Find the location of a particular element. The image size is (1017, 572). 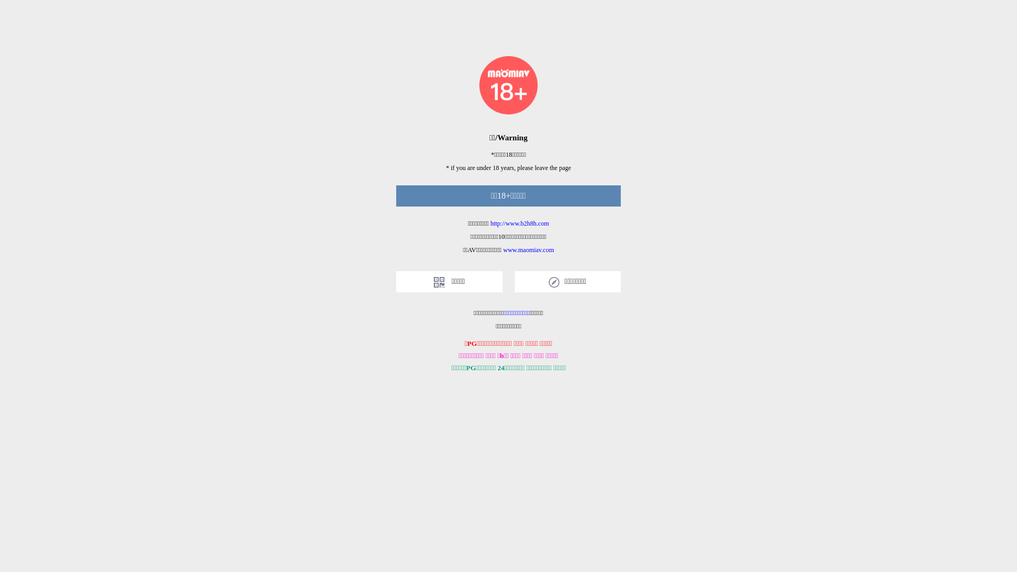

'www.maomiav.com' is located at coordinates (529, 249).